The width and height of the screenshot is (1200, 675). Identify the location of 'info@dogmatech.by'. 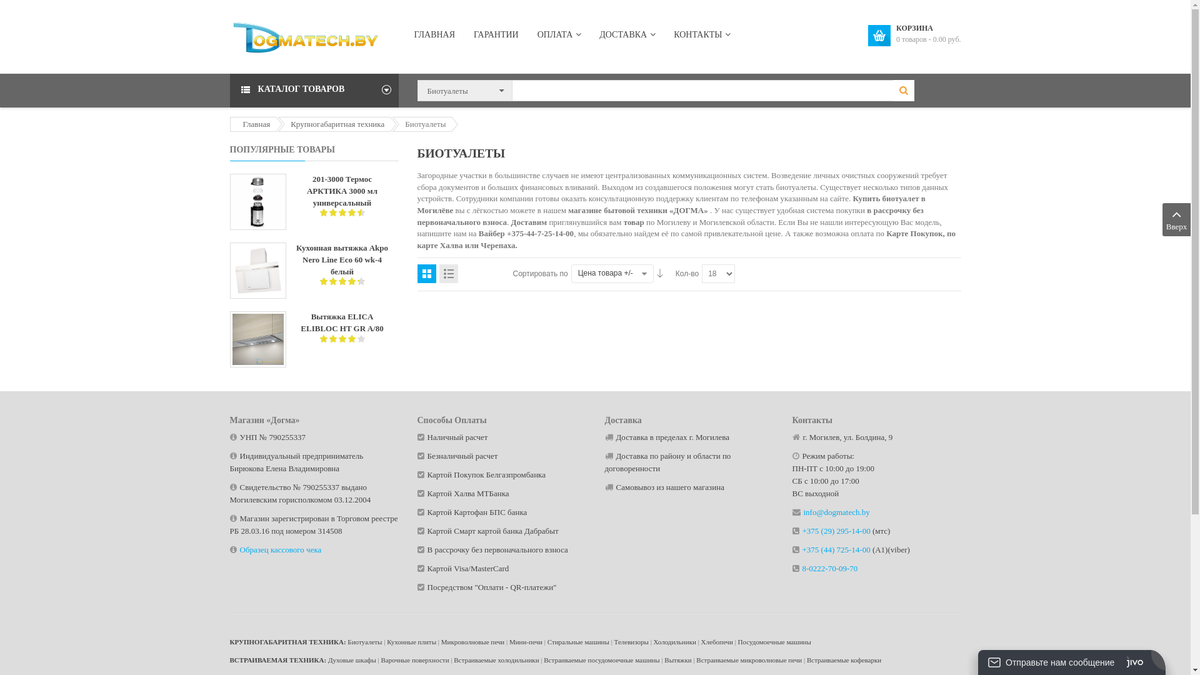
(804, 512).